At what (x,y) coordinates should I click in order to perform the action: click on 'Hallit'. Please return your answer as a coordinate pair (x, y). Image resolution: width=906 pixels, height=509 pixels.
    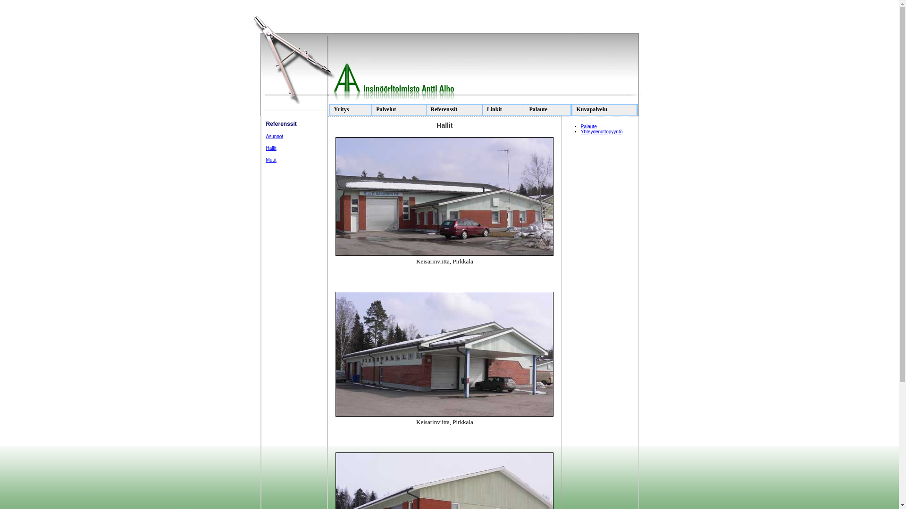
    Looking at the image, I should click on (271, 148).